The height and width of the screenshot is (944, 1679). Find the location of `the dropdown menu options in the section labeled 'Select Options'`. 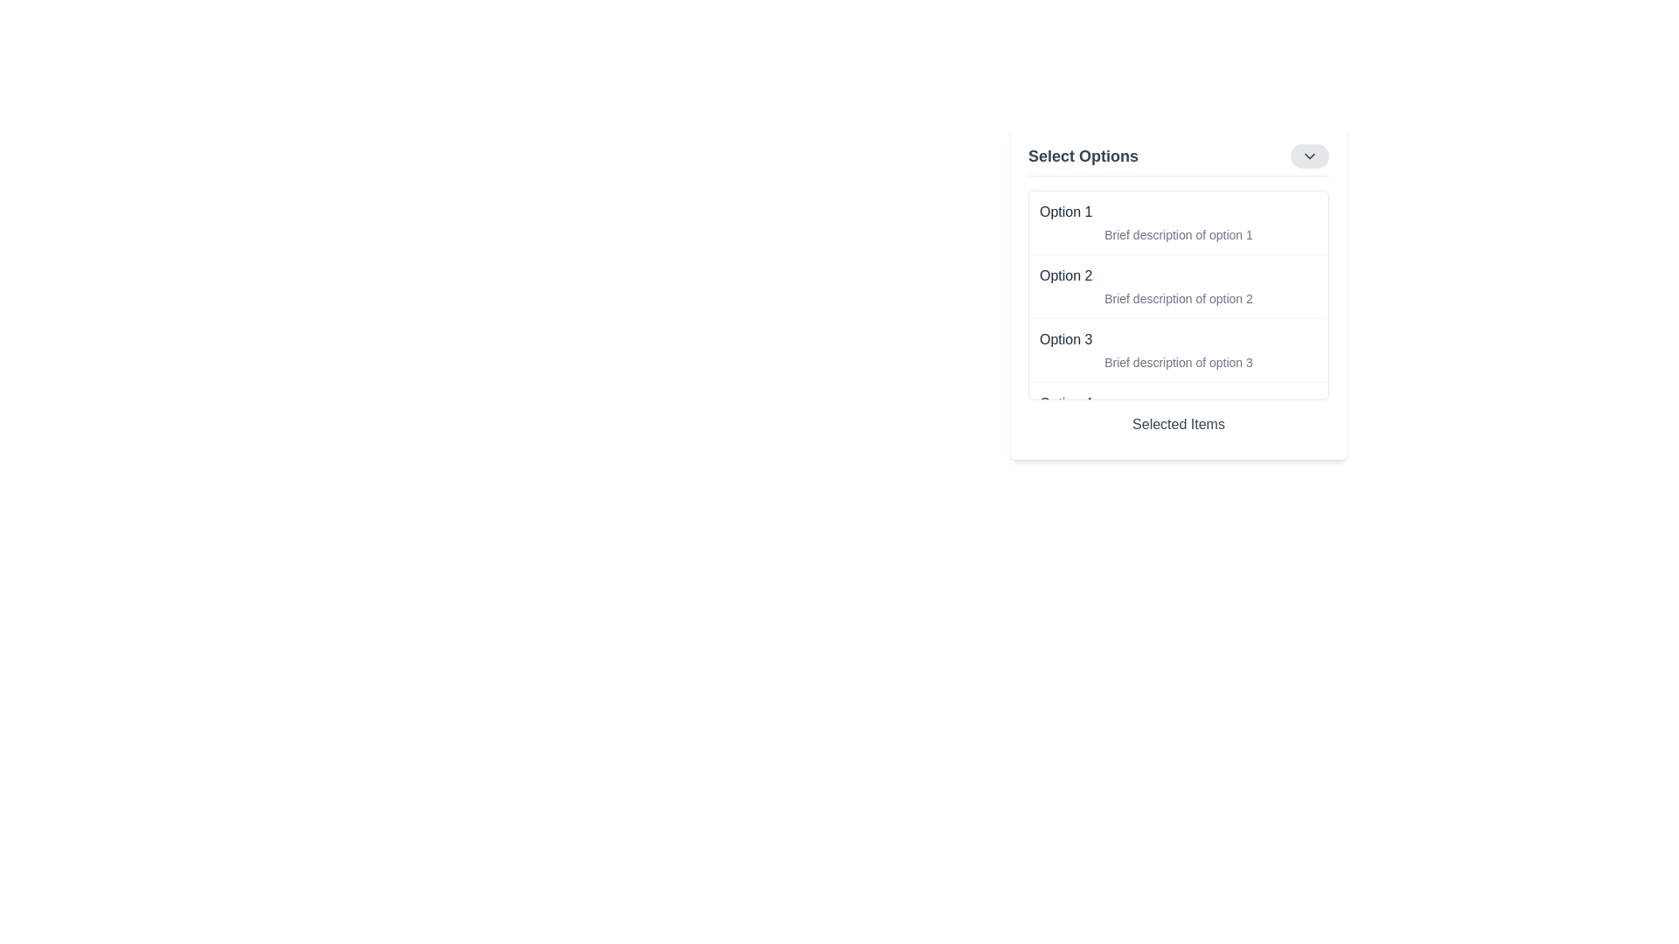

the dropdown menu options in the section labeled 'Select Options' is located at coordinates (1179, 292).